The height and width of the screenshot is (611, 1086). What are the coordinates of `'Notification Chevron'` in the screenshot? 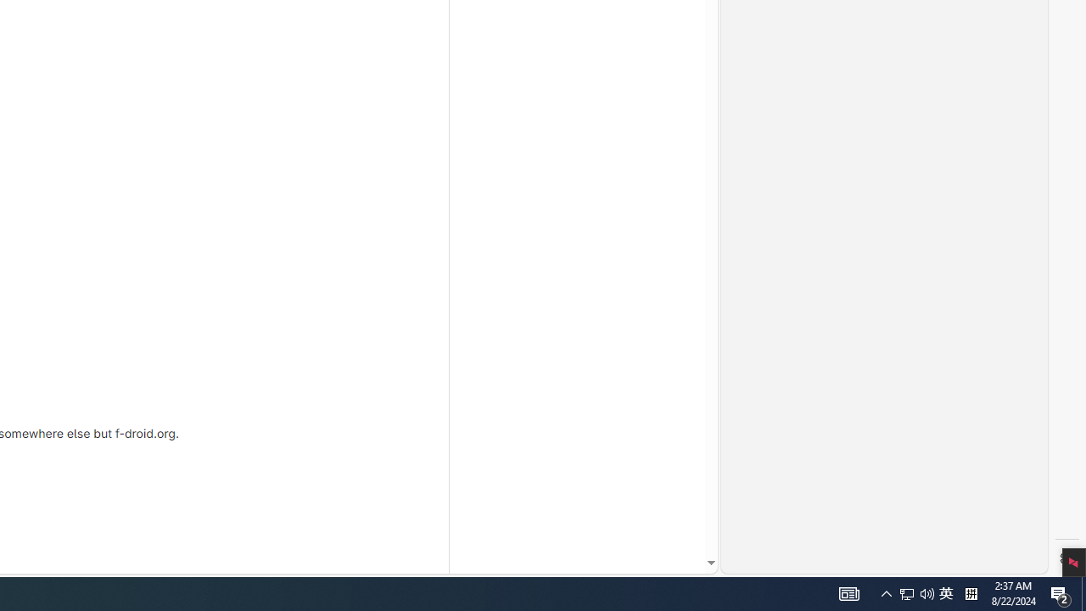 It's located at (886, 592).